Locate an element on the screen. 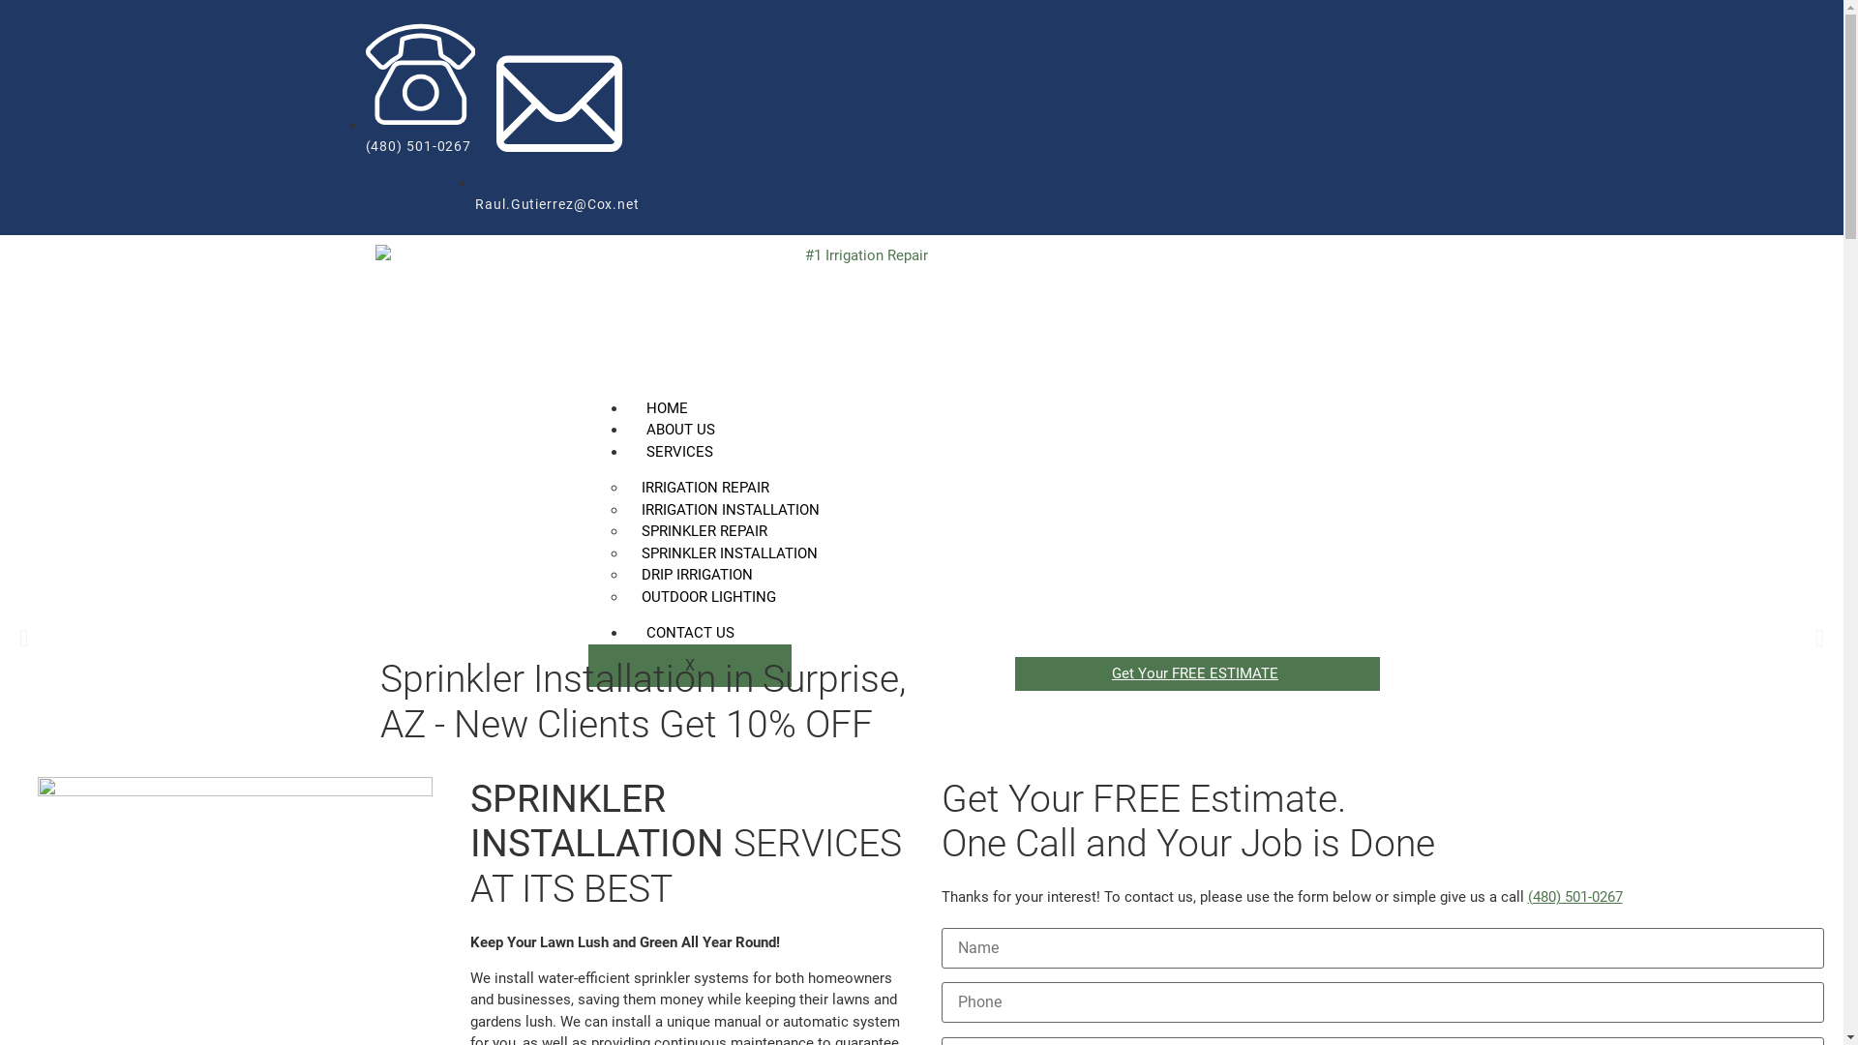 The width and height of the screenshot is (1858, 1045). 'SPRINKLER REPAIR' is located at coordinates (704, 530).